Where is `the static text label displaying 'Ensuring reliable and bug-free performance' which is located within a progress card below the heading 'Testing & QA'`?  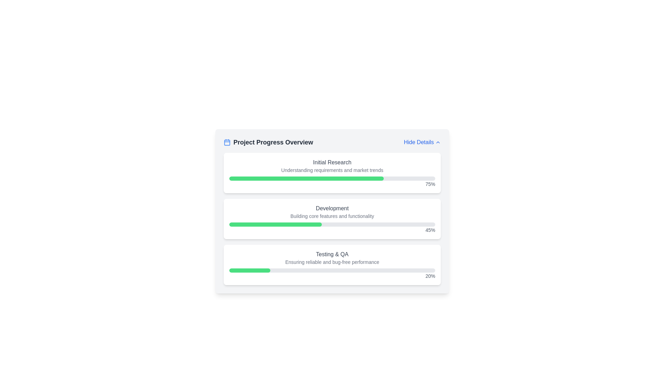
the static text label displaying 'Ensuring reliable and bug-free performance' which is located within a progress card below the heading 'Testing & QA' is located at coordinates (332, 262).